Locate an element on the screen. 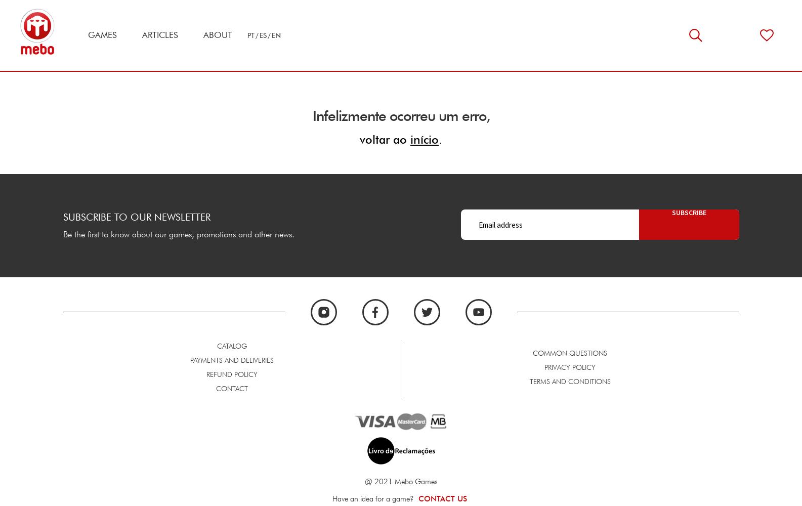 The width and height of the screenshot is (802, 506). 'See our' is located at coordinates (484, 433).